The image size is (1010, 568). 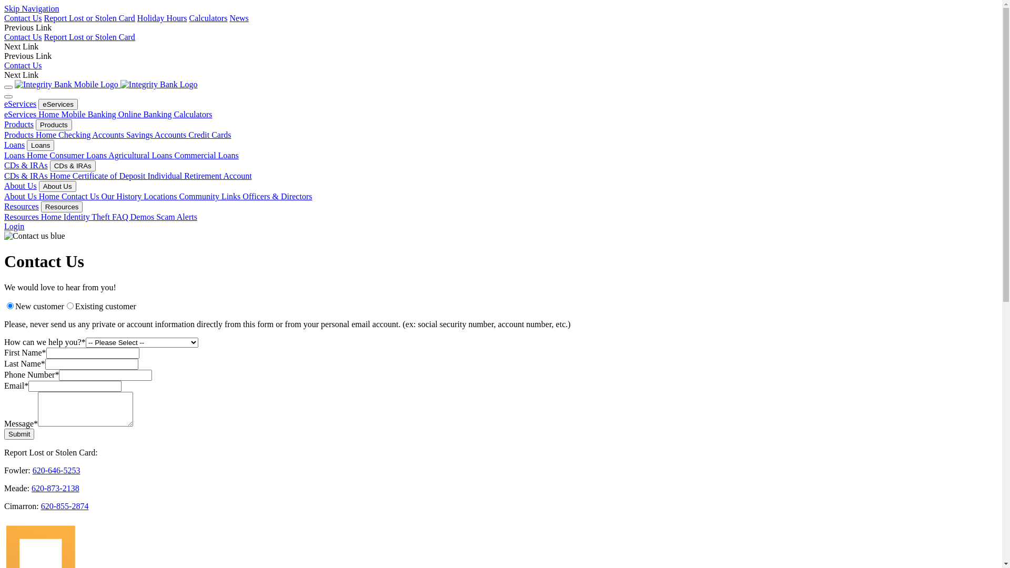 I want to click on 'Savings Accounts', so click(x=156, y=134).